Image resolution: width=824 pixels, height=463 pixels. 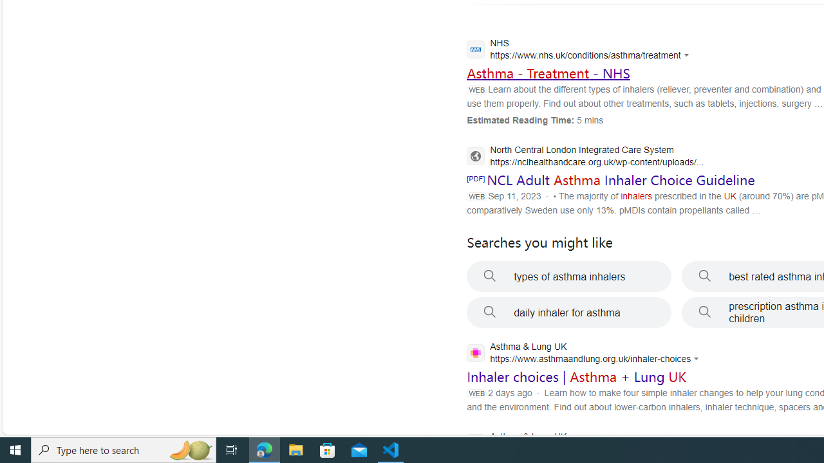 What do you see at coordinates (475, 353) in the screenshot?
I see `'Global web icon'` at bounding box center [475, 353].